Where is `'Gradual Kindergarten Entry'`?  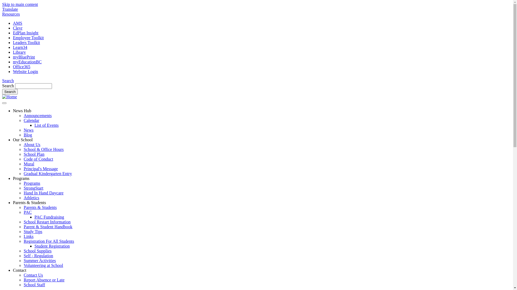 'Gradual Kindergarten Entry' is located at coordinates (48, 173).